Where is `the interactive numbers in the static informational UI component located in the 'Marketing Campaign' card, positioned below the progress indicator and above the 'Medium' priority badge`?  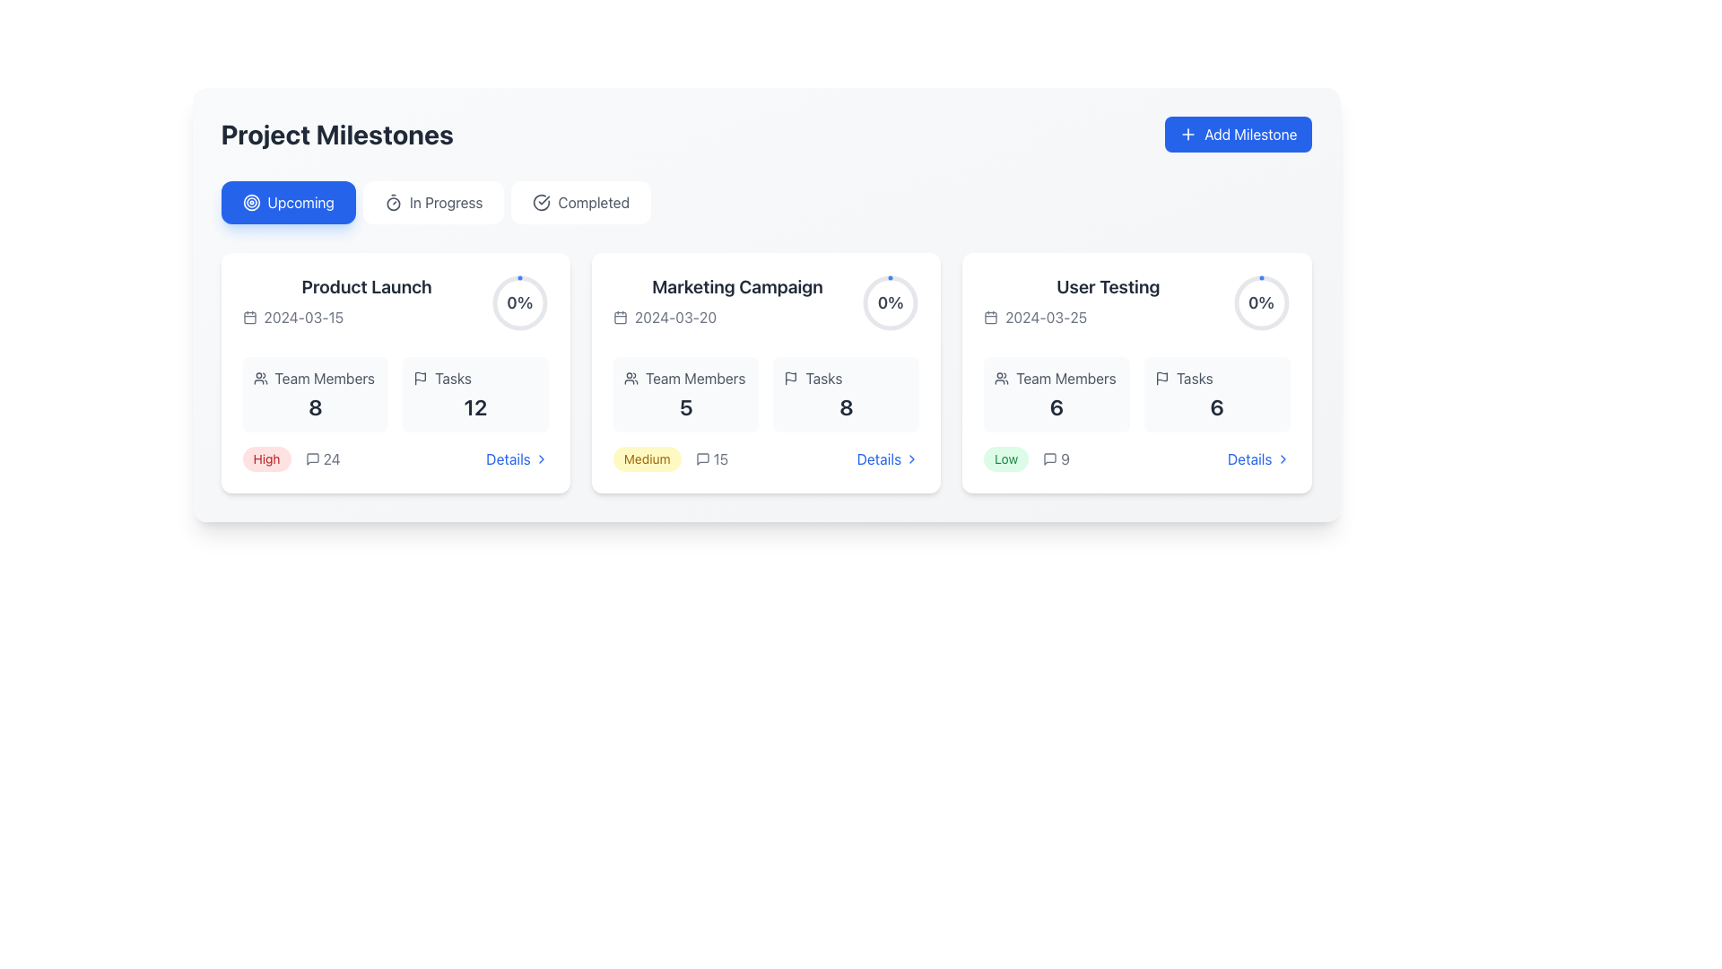
the interactive numbers in the static informational UI component located in the 'Marketing Campaign' card, positioned below the progress indicator and above the 'Medium' priority badge is located at coordinates (766, 393).